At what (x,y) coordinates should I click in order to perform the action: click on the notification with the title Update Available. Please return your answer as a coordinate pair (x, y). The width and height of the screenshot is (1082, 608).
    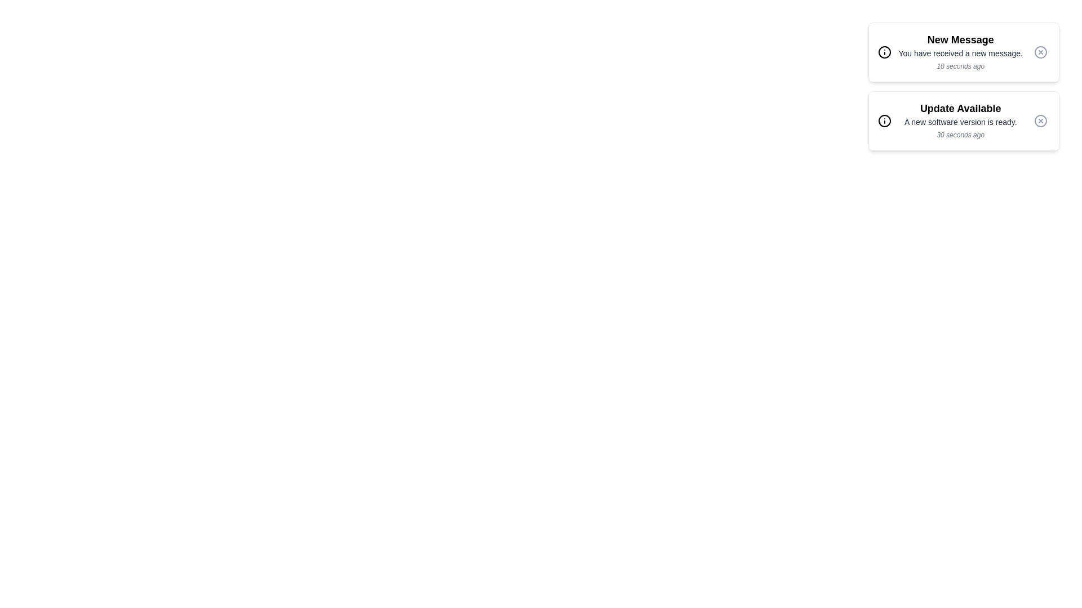
    Looking at the image, I should click on (963, 121).